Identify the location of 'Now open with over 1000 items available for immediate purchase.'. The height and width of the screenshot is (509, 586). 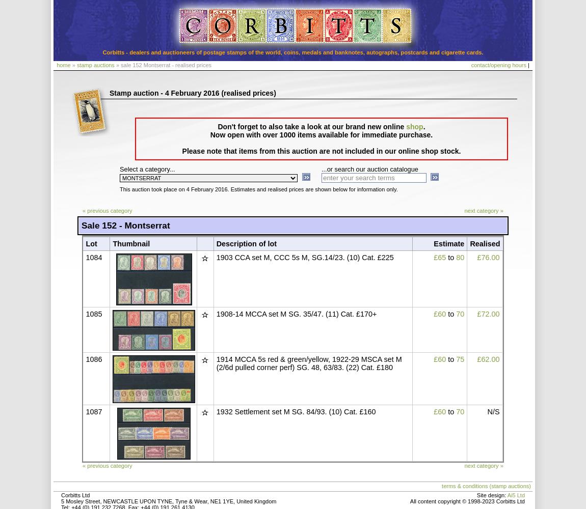
(321, 135).